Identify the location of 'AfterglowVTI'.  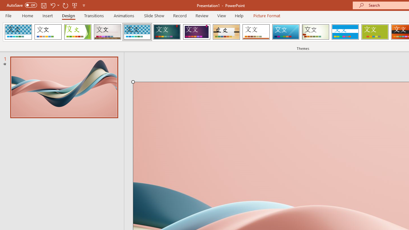
(18, 32).